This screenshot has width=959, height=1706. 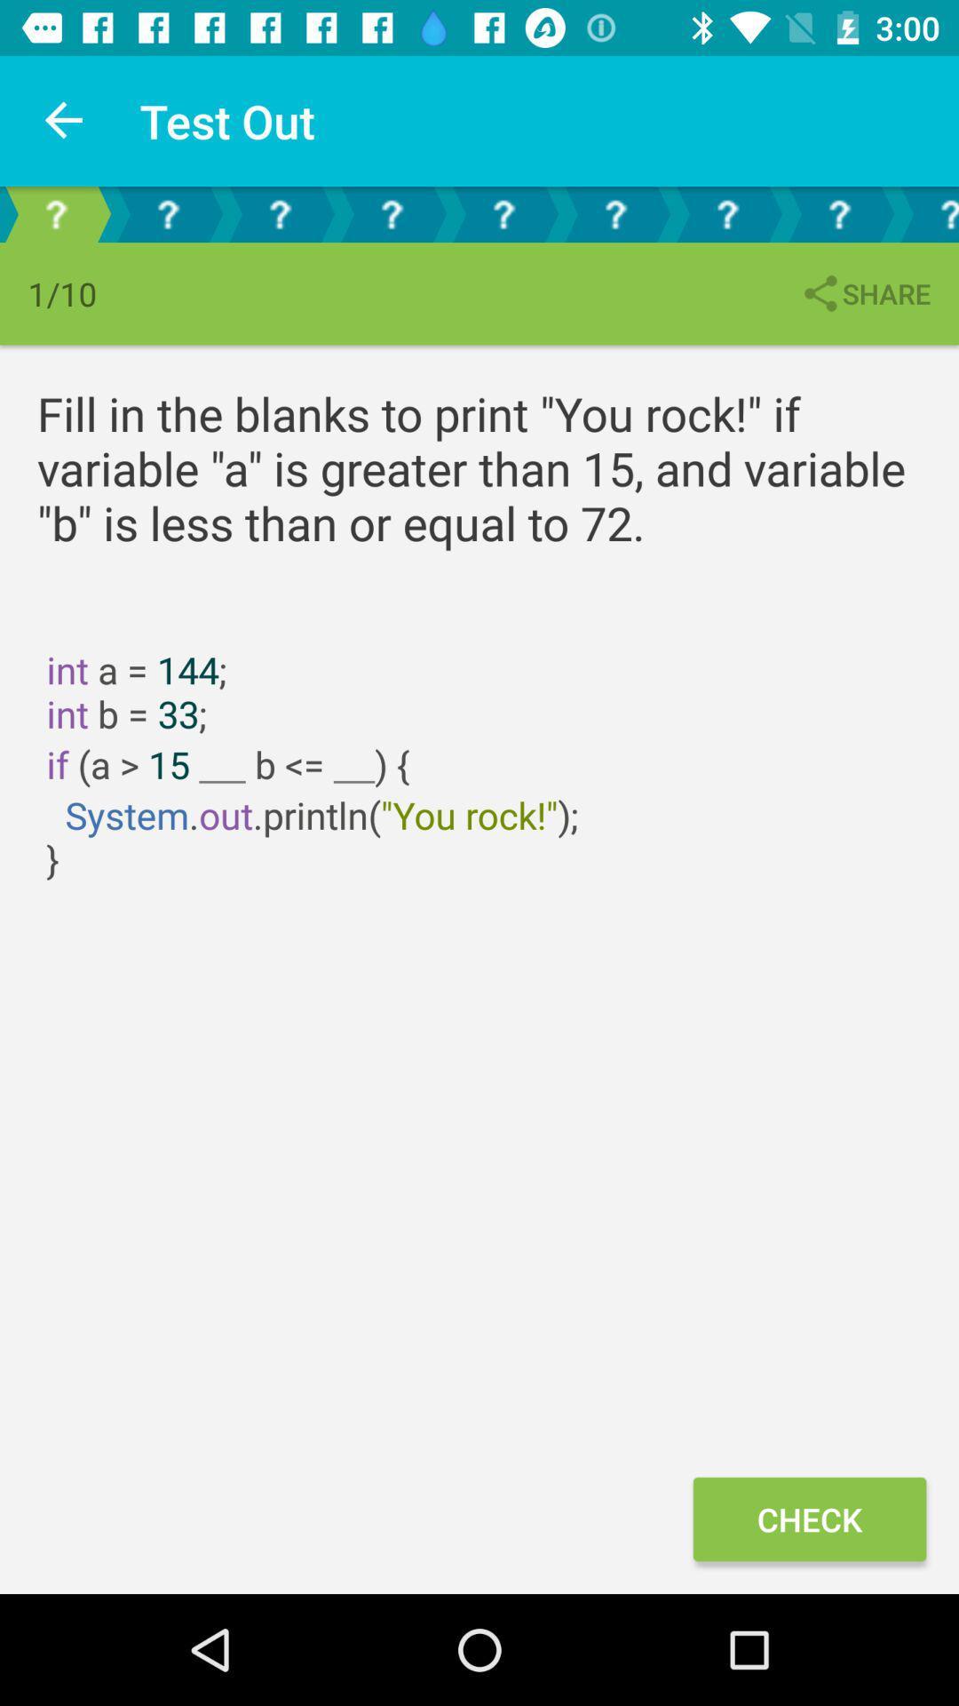 What do you see at coordinates (390, 213) in the screenshot?
I see `the help icon` at bounding box center [390, 213].